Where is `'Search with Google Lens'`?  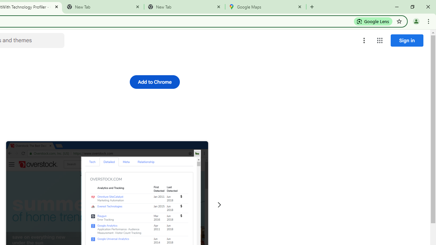 'Search with Google Lens' is located at coordinates (373, 21).